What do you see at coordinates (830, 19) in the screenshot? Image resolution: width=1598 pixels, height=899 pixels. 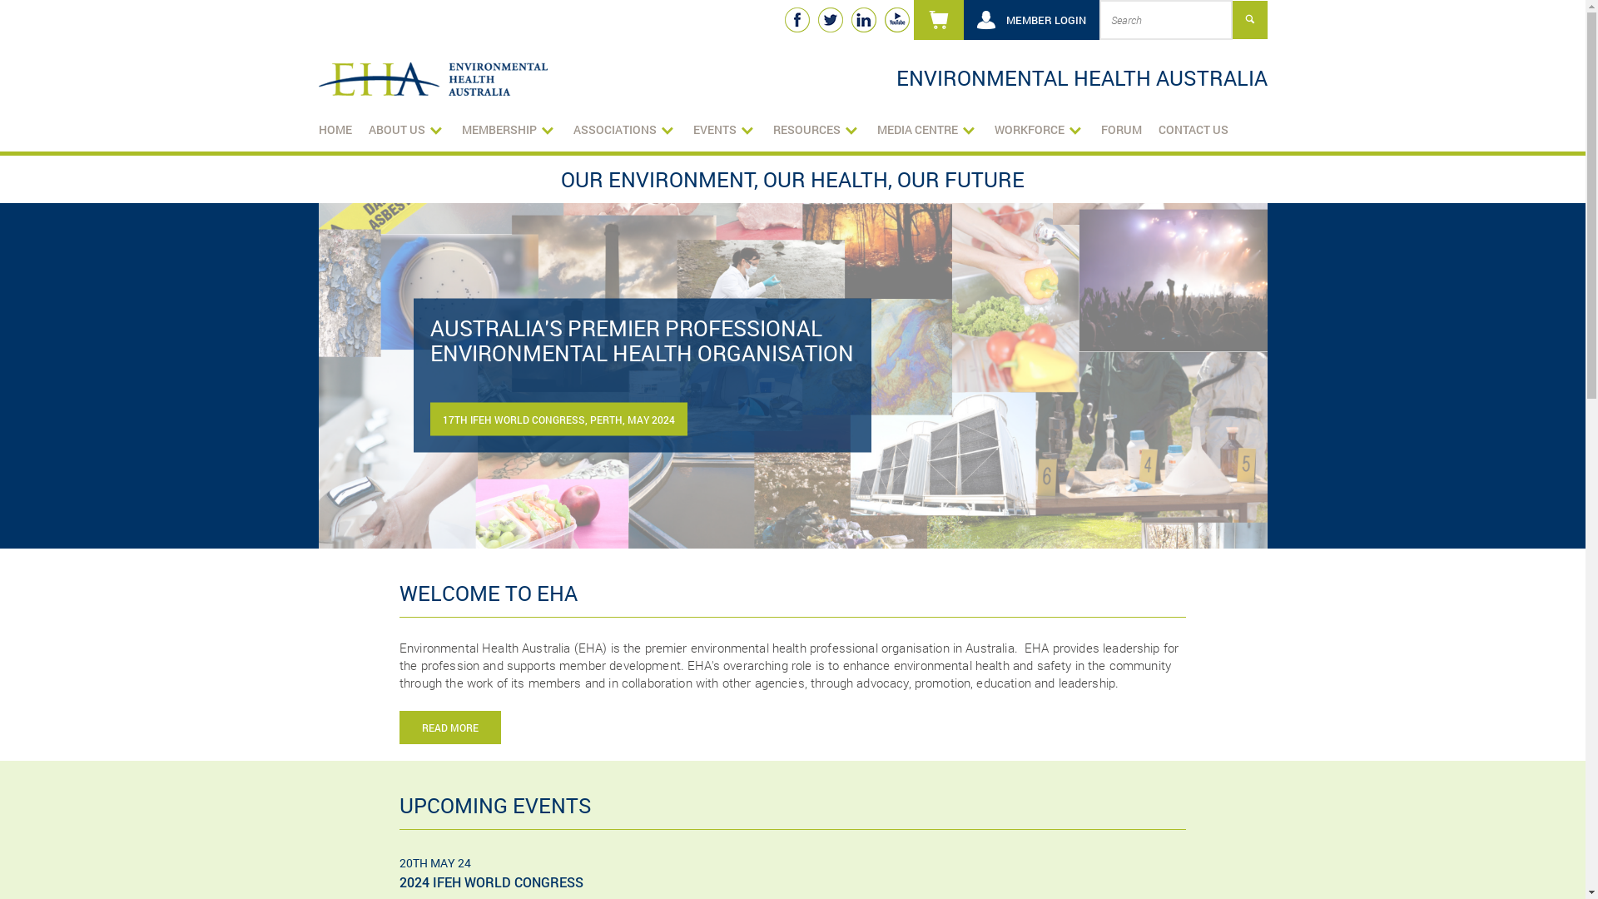 I see `'Twitter'` at bounding box center [830, 19].